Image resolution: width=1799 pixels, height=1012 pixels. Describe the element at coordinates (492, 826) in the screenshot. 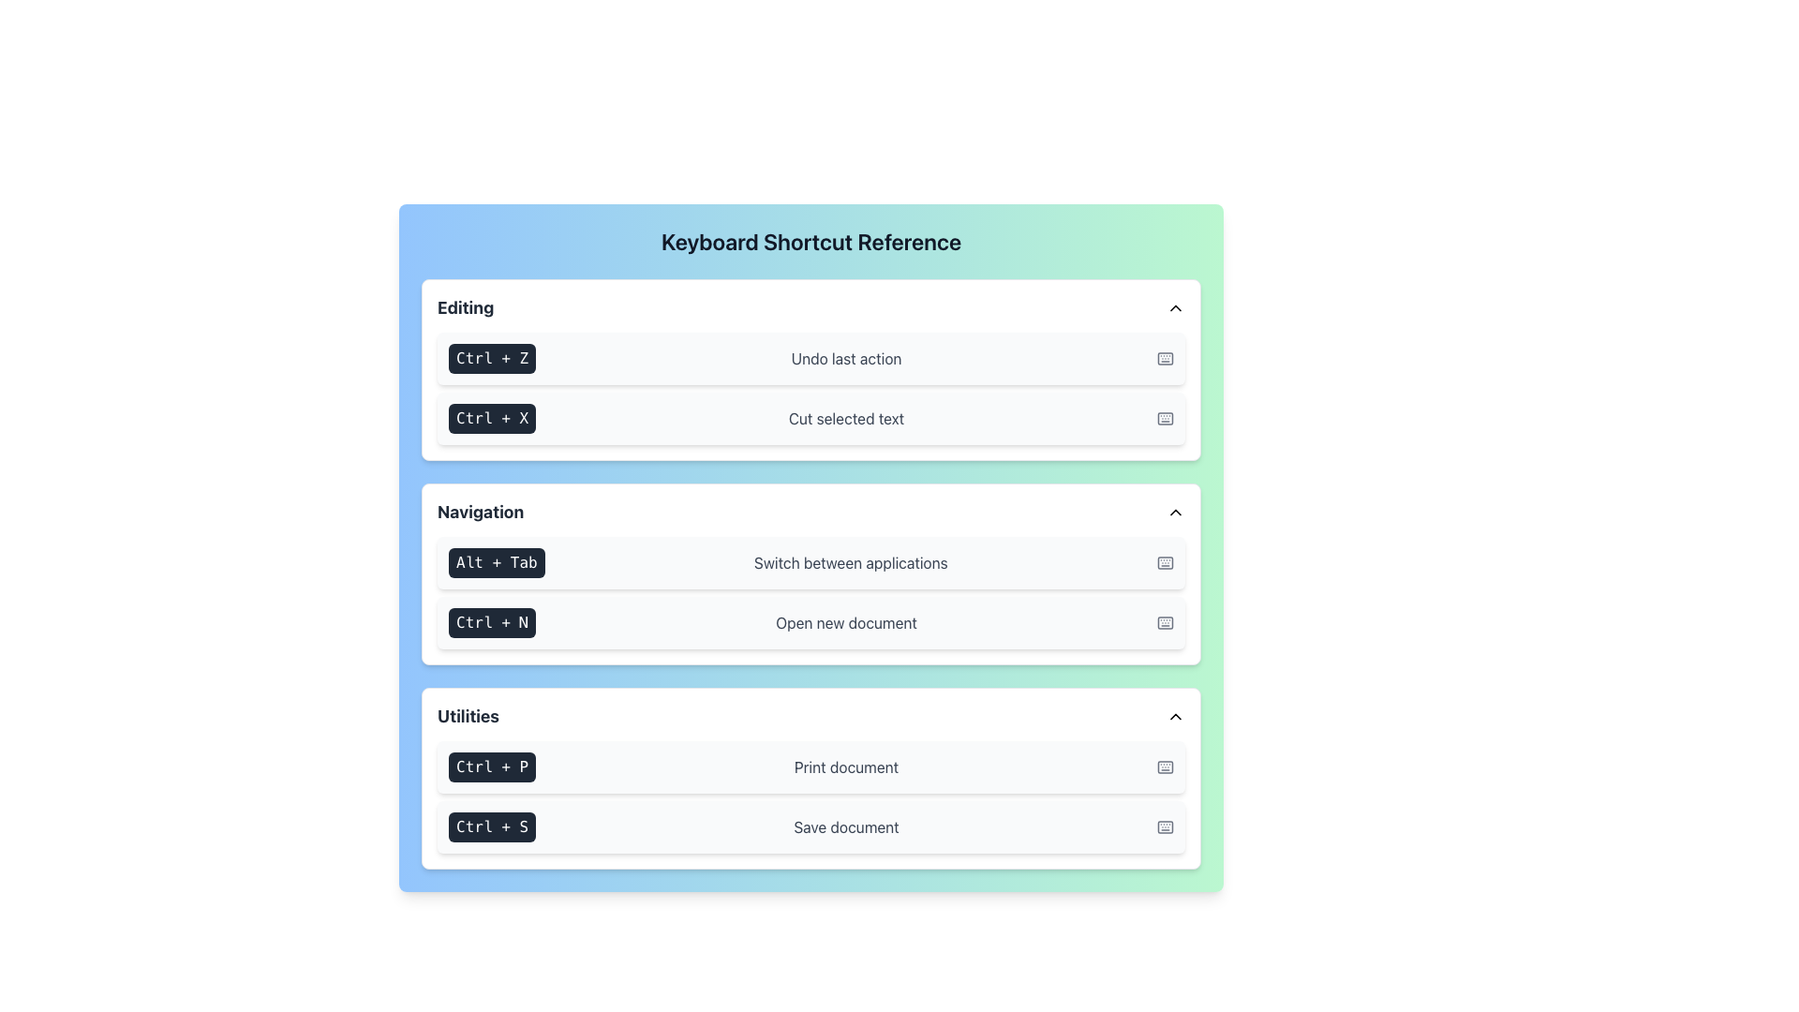

I see `the keyboard shortcut indicator labeled 'Ctrl + S' which is a dark gray button-like component with white bold text, located in the 'Utilities' section, to the left of 'Save document'` at that location.